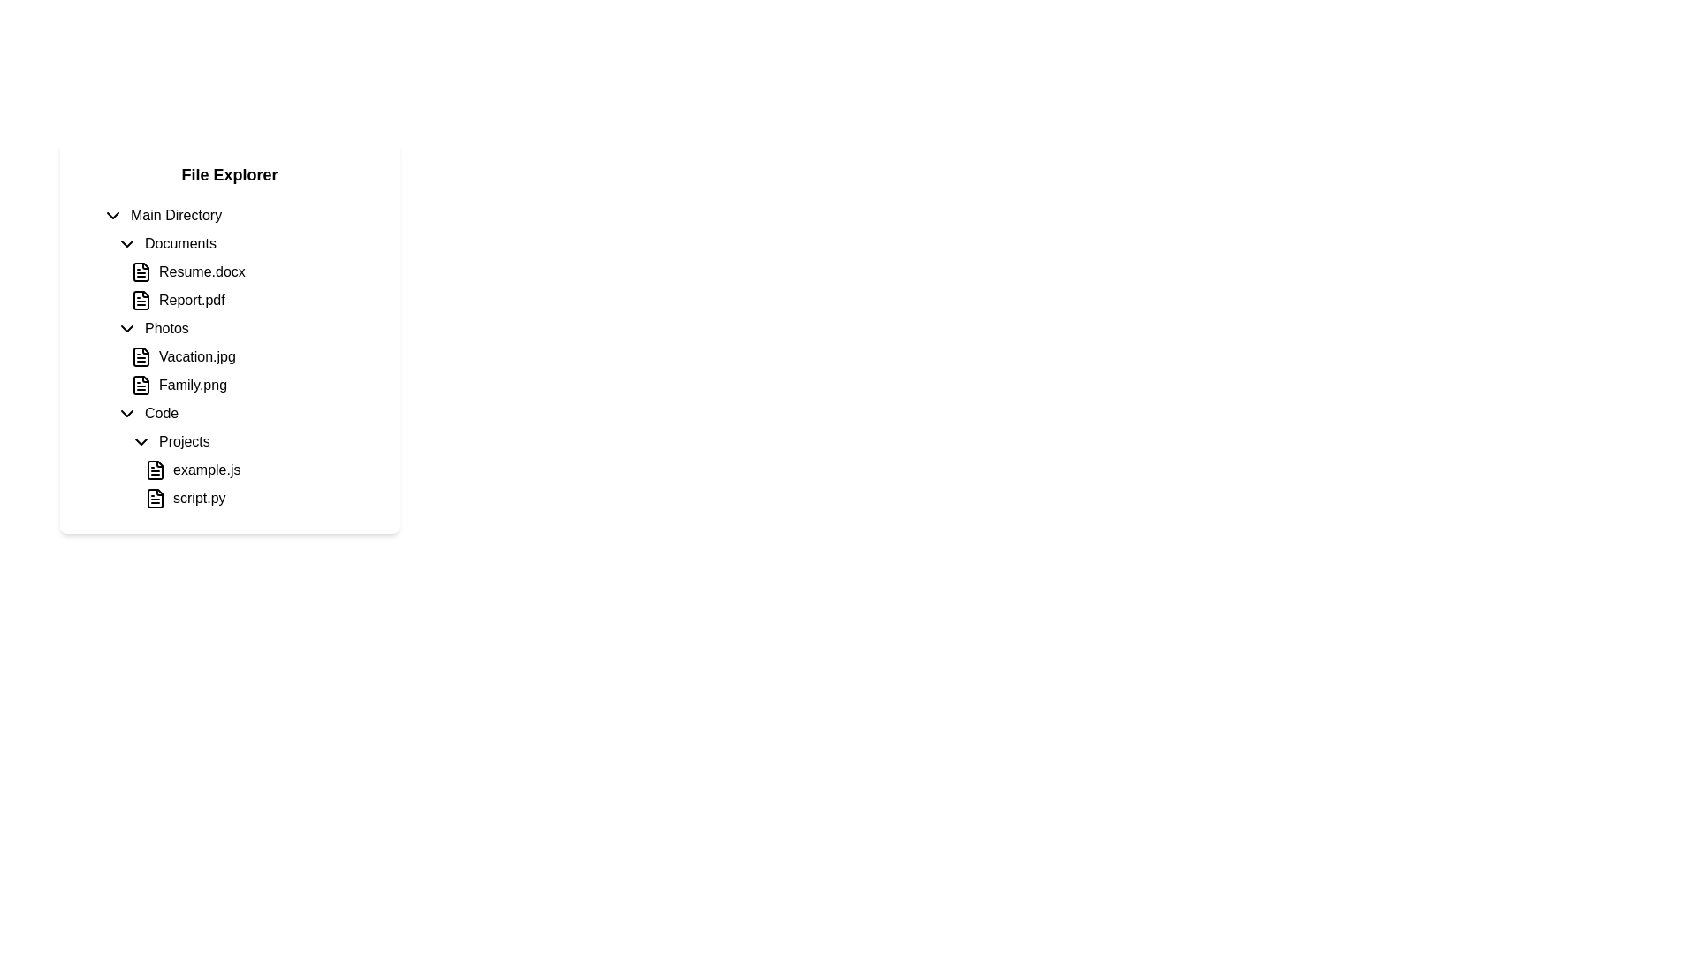  Describe the element at coordinates (112, 214) in the screenshot. I see `the interactive chevron icon used for toggling the expansion or collapse state of the 'Main Directory' to provide visual feedback` at that location.